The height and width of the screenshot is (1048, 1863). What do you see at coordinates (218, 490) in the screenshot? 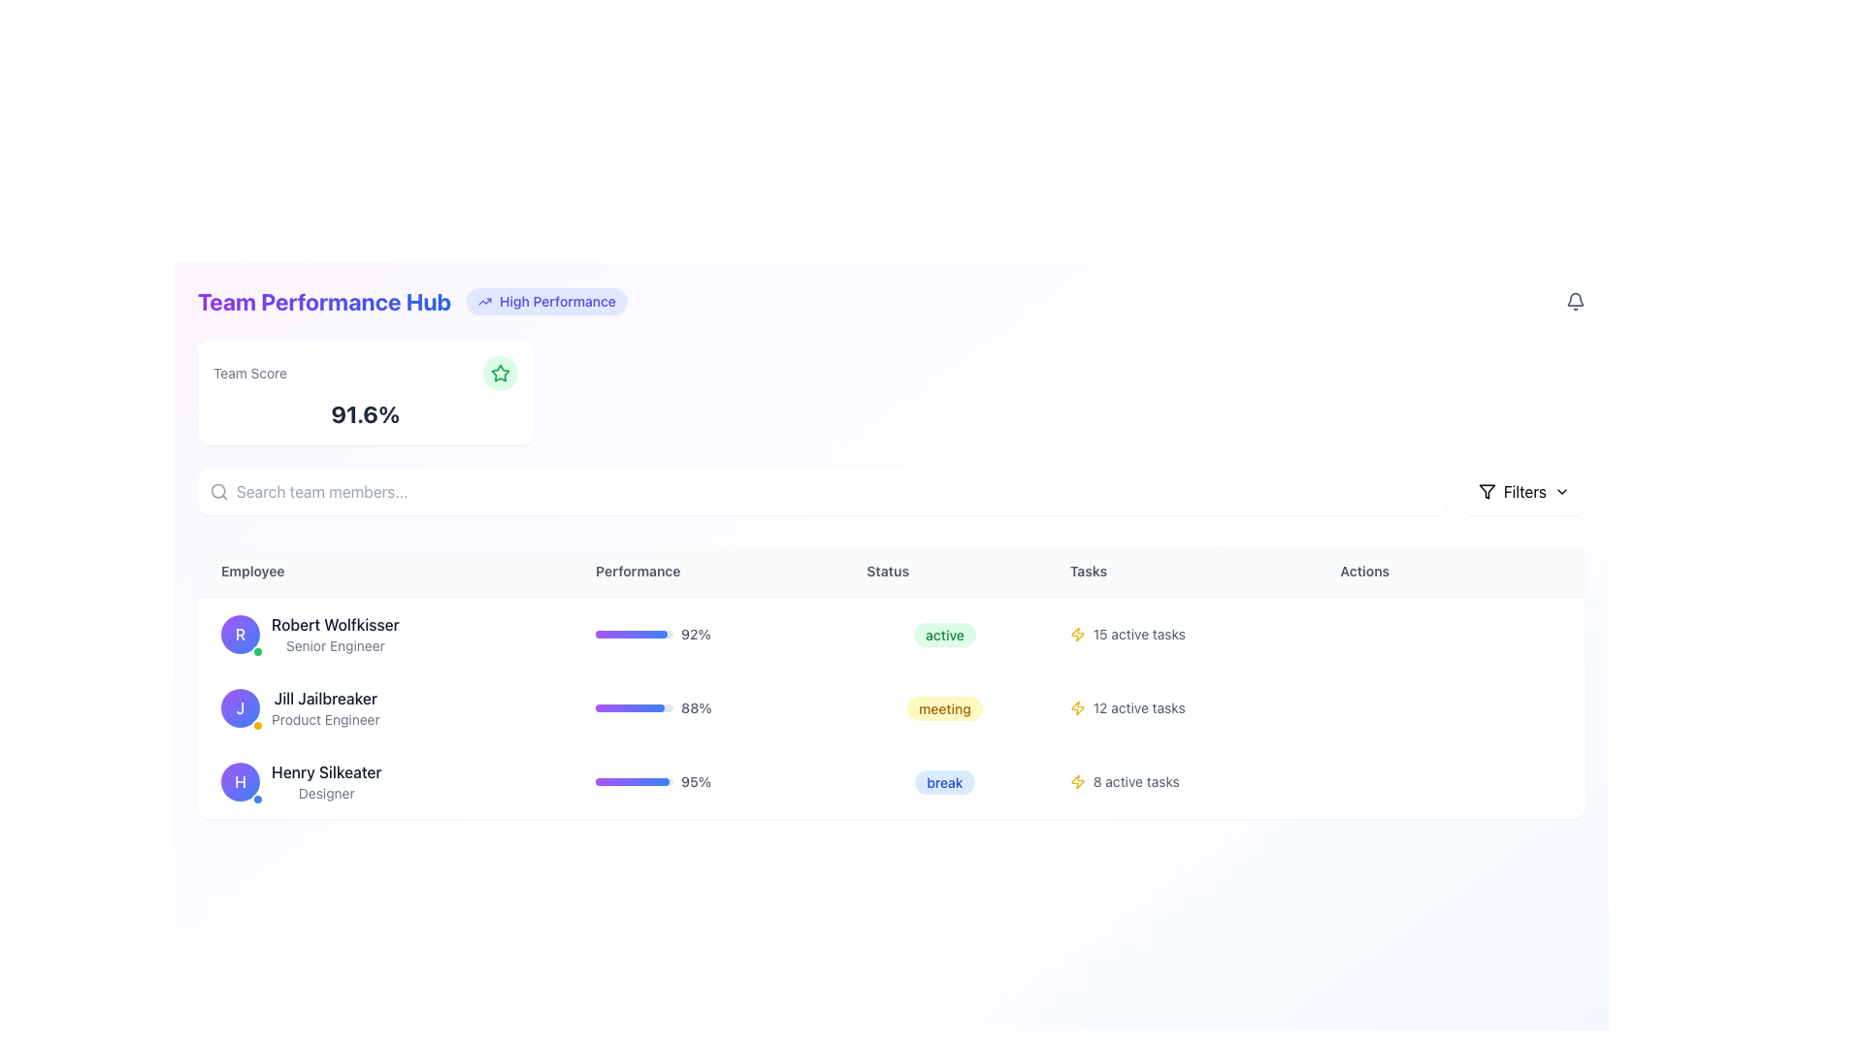
I see `the decorative part of the search icon, which symbolizes the search functionality and is located to the left of the search bar interface` at bounding box center [218, 490].